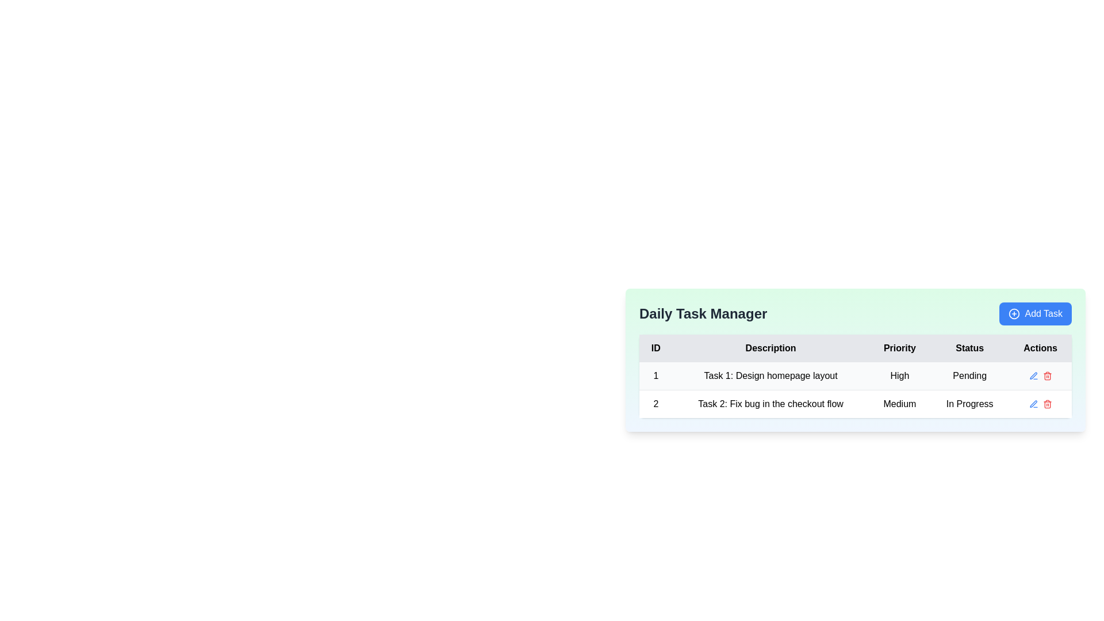 This screenshot has height=621, width=1104. Describe the element at coordinates (1014, 314) in the screenshot. I see `the addition icon within the blue 'Add Task' button located at the top-right corner of the 'Daily Task Manager' interface to invoke the add task action` at that location.